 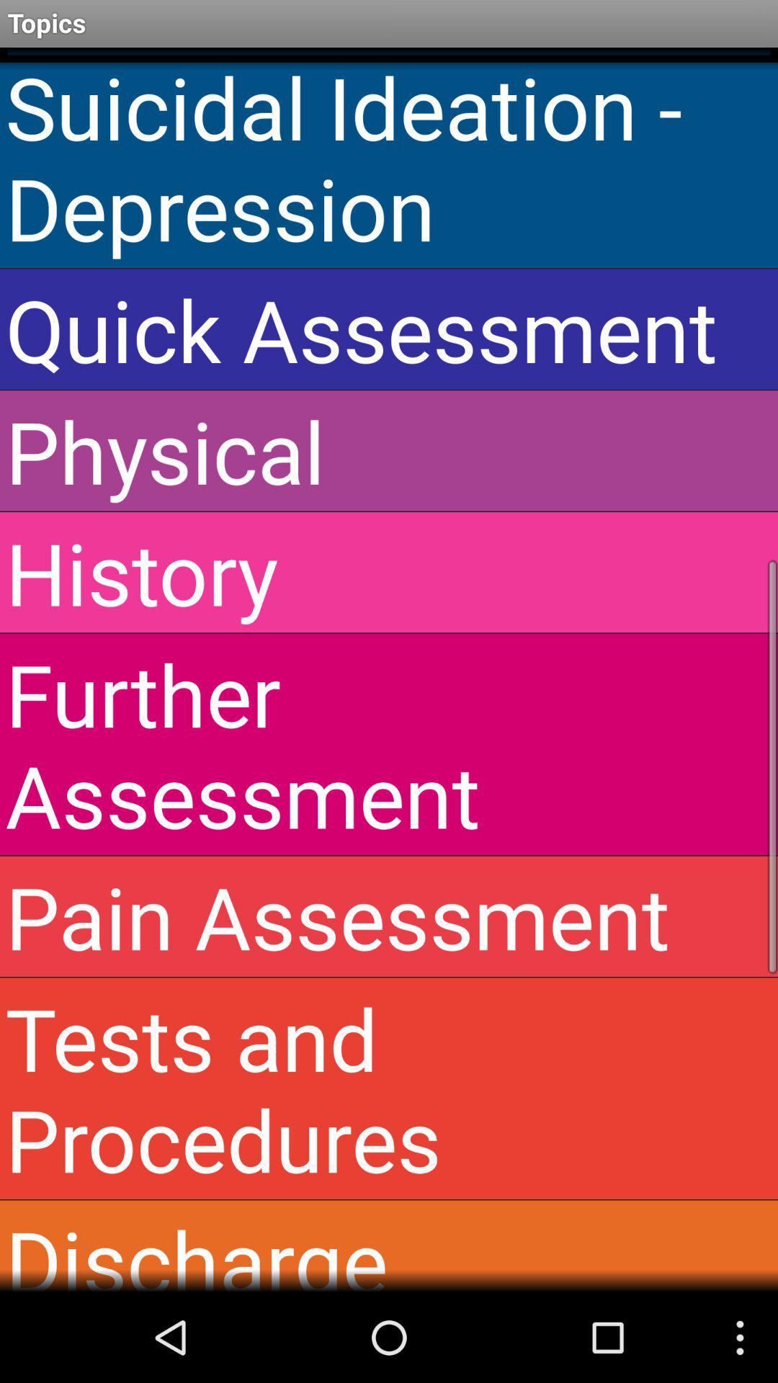 What do you see at coordinates (389, 158) in the screenshot?
I see `icon below the topics icon` at bounding box center [389, 158].